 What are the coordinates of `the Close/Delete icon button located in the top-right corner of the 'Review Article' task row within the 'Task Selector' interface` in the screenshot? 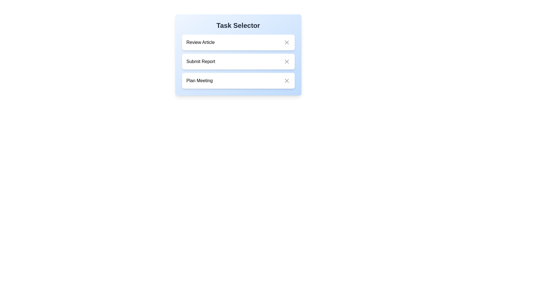 It's located at (287, 42).